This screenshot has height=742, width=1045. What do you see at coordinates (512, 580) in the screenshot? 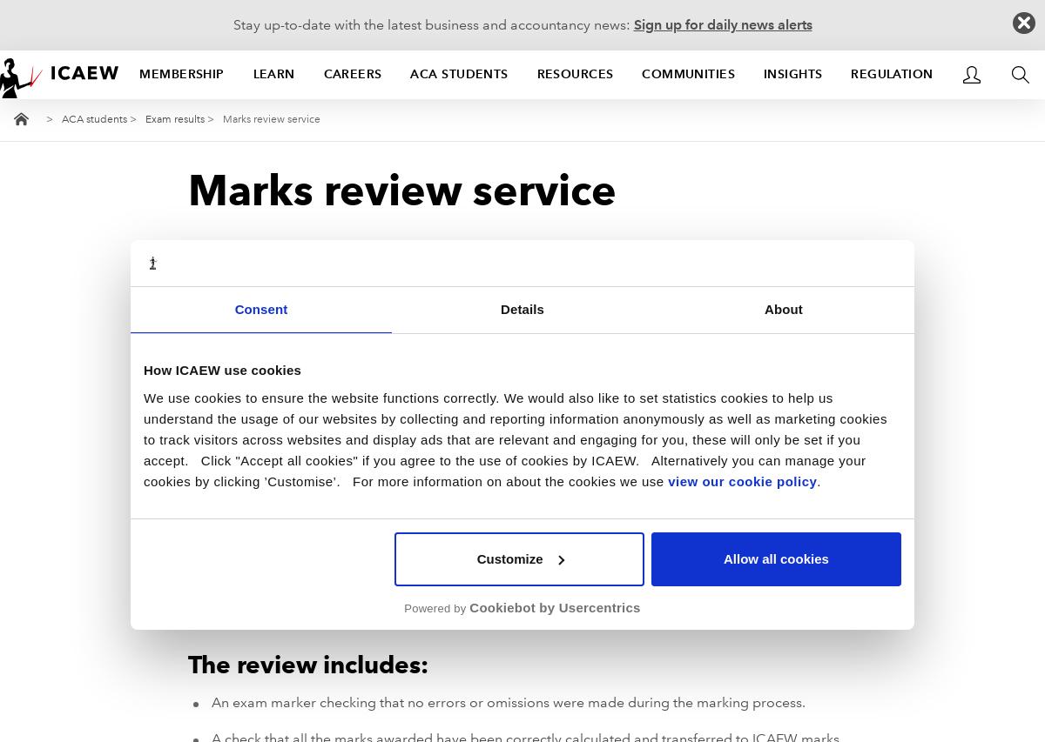
I see `'Examinations'` at bounding box center [512, 580].